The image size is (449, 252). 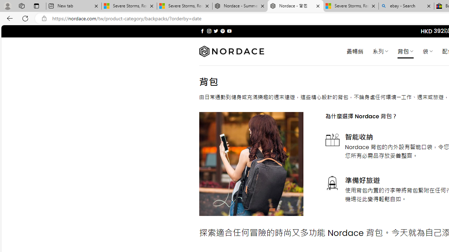 What do you see at coordinates (222, 31) in the screenshot?
I see `'Follow on Pinterest'` at bounding box center [222, 31].